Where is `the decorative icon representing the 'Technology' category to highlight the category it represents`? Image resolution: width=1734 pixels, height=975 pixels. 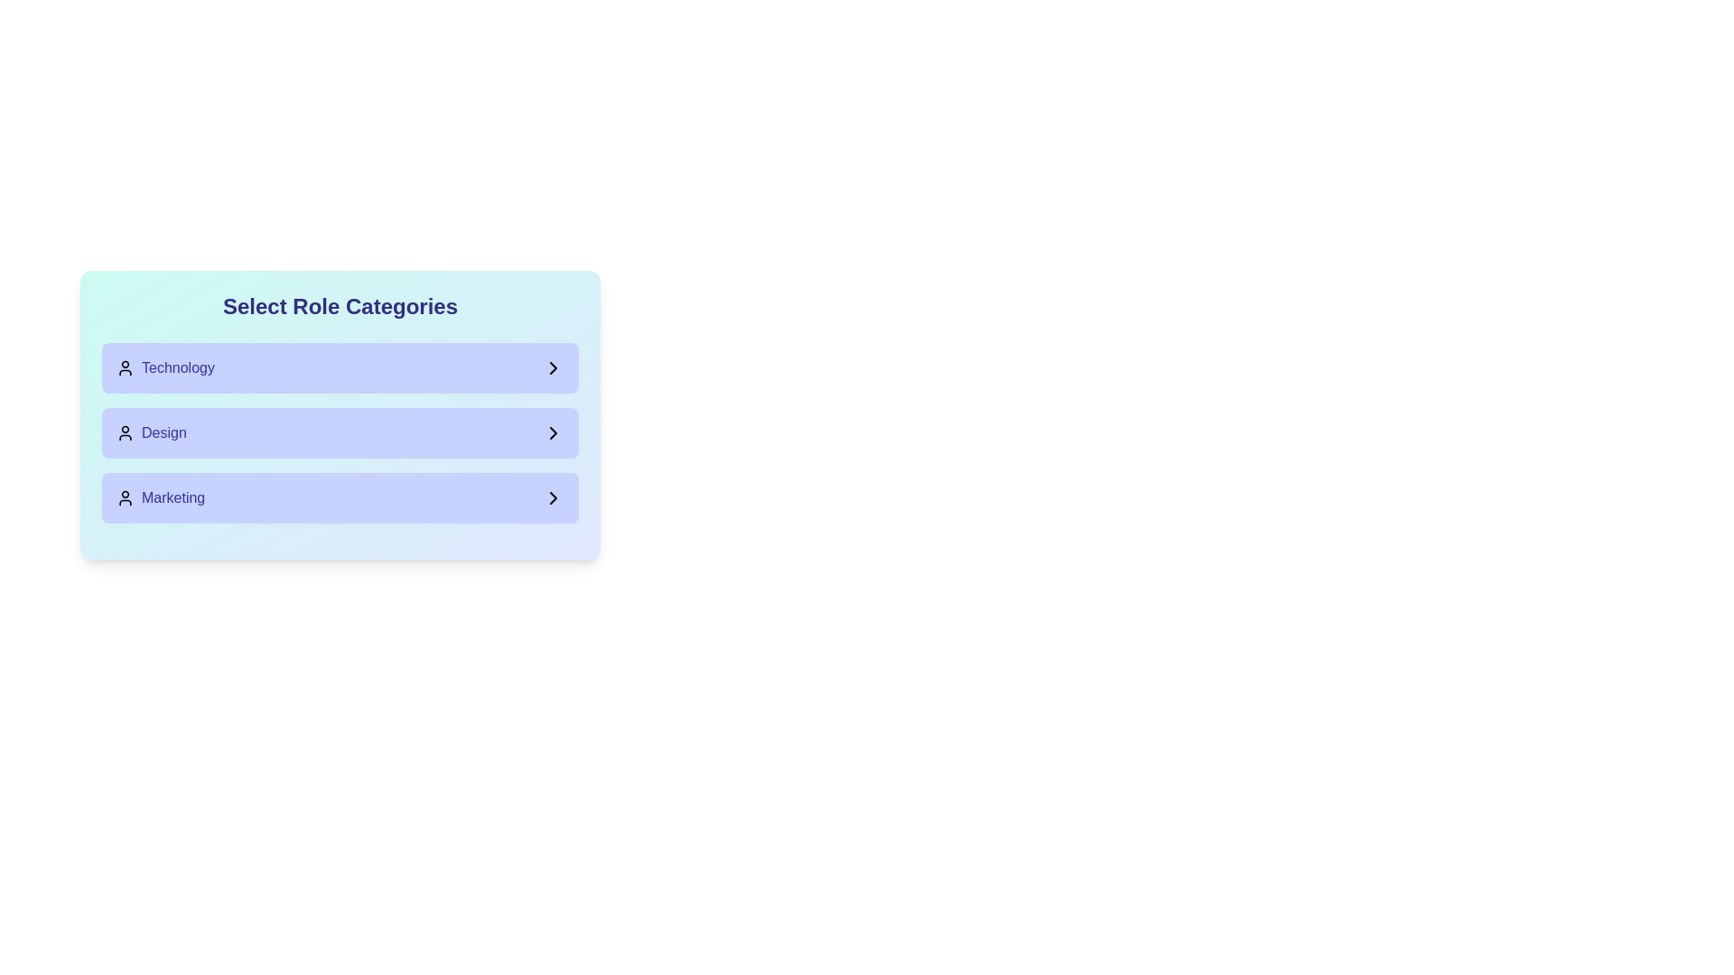
the decorative icon representing the 'Technology' category to highlight the category it represents is located at coordinates (125, 367).